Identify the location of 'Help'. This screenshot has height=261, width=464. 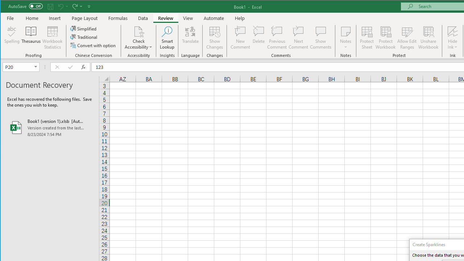
(240, 18).